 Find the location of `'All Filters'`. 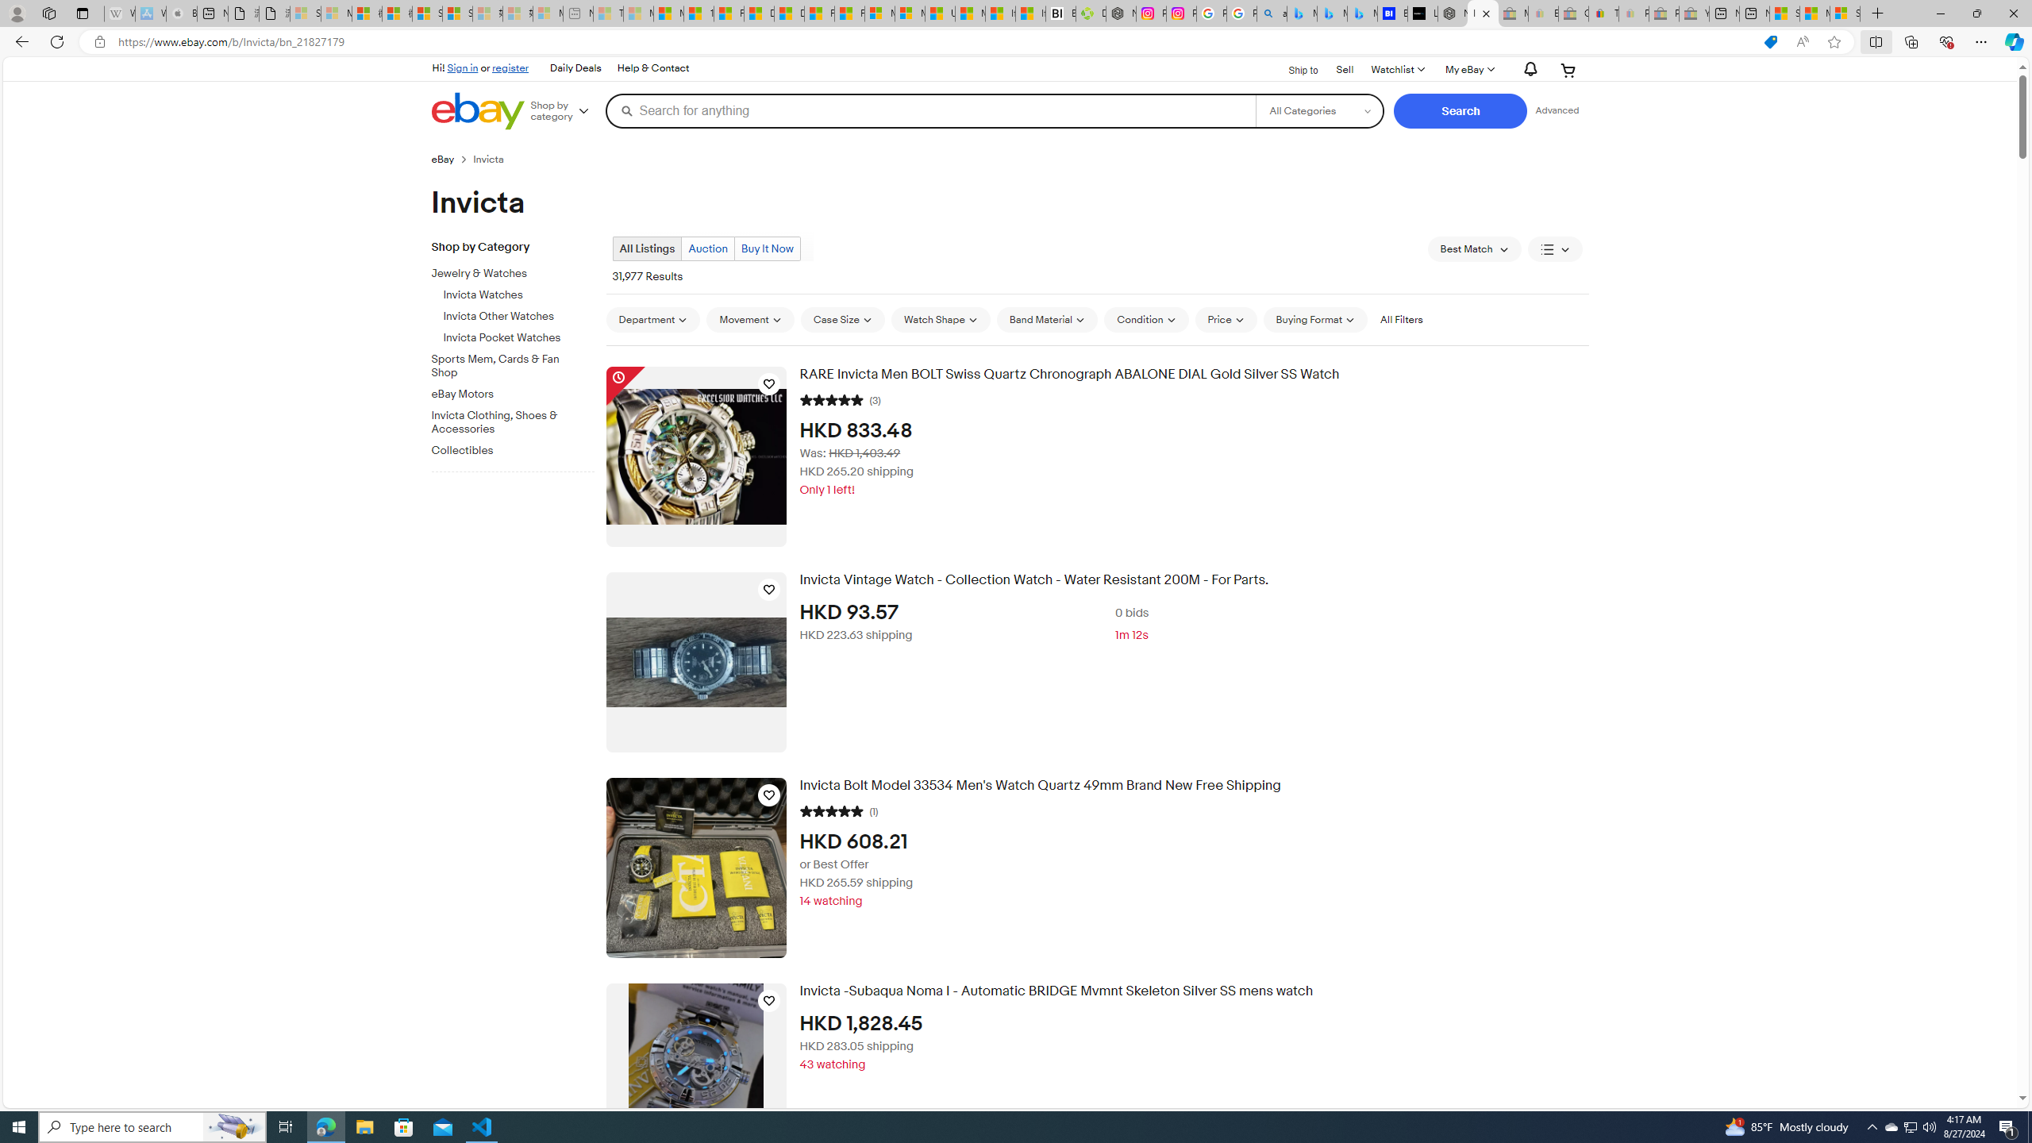

'All Filters' is located at coordinates (1401, 319).